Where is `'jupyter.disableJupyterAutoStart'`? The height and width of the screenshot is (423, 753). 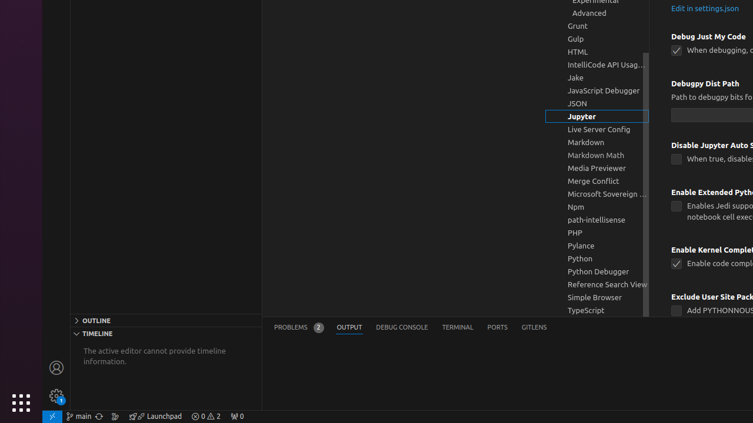
'jupyter.disableJupyterAutoStart' is located at coordinates (676, 159).